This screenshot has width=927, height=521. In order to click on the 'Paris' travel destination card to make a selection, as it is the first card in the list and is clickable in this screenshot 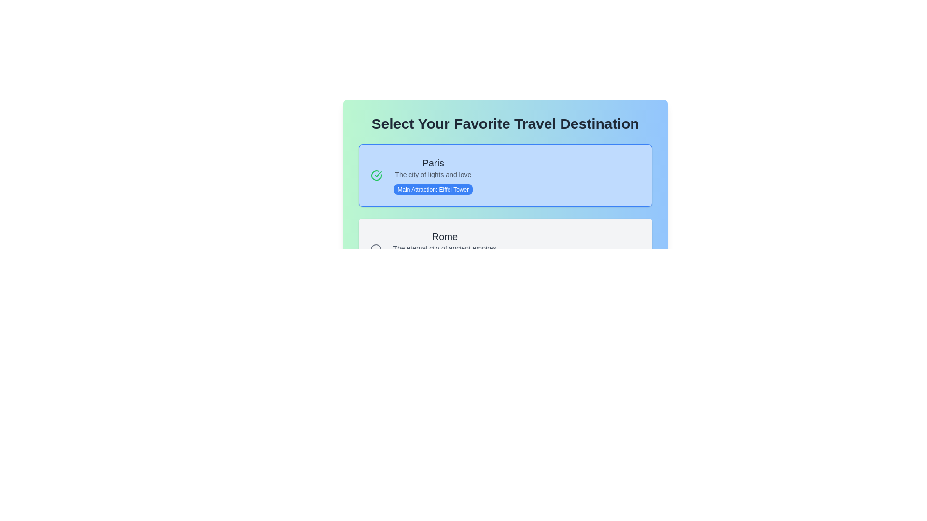, I will do `click(505, 175)`.